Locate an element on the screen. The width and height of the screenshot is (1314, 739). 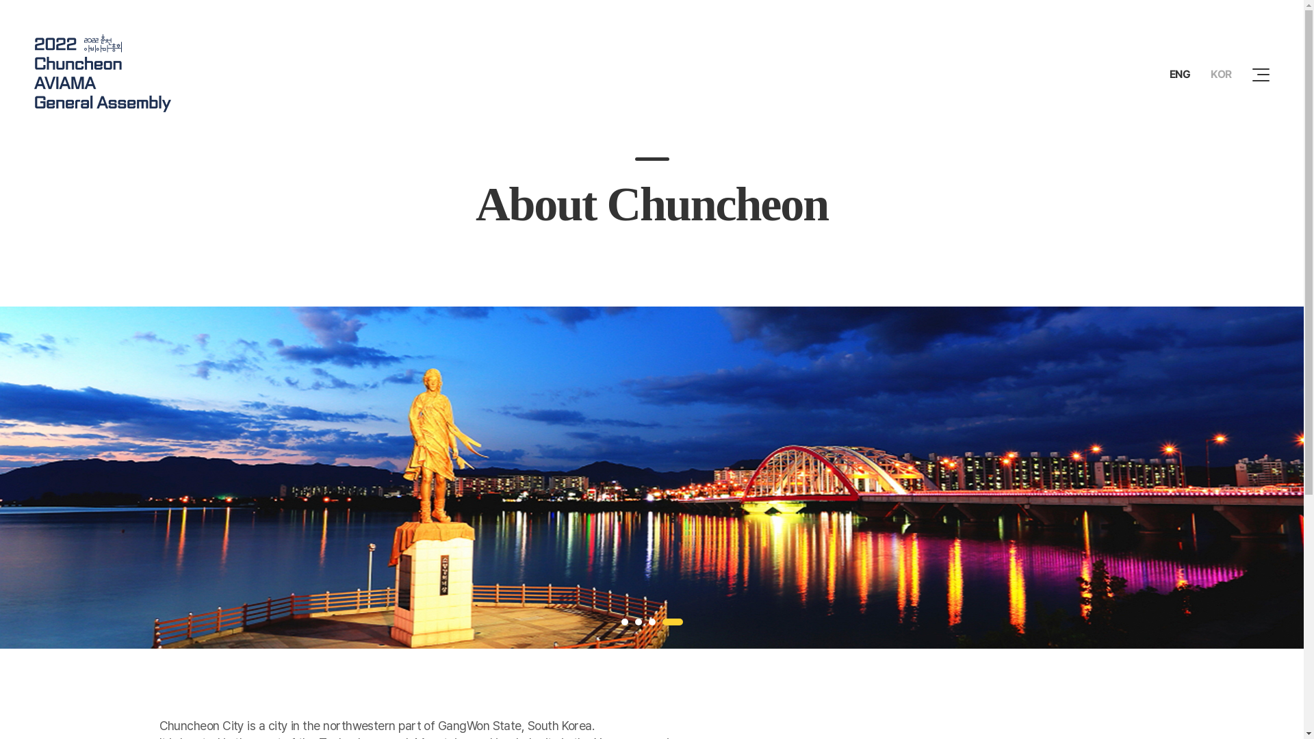
'KOR' is located at coordinates (1221, 74).